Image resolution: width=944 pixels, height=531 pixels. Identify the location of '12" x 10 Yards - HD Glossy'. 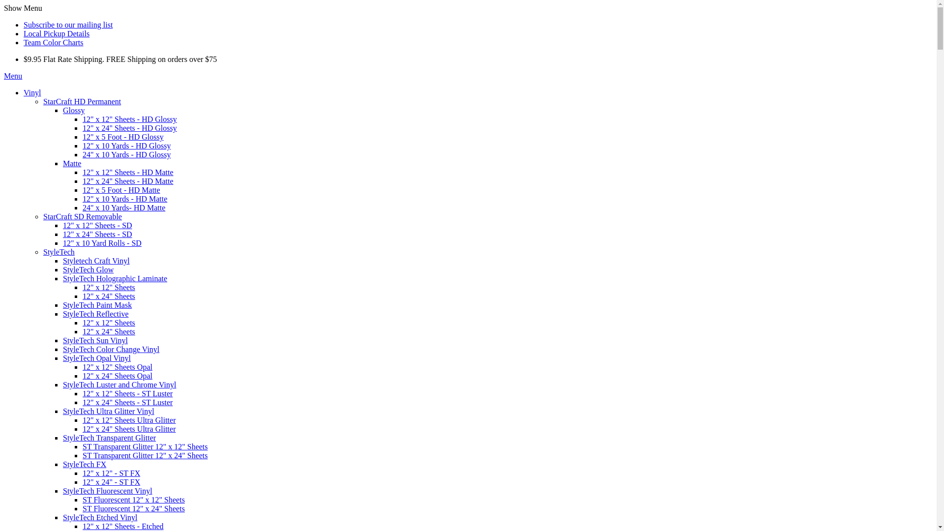
(126, 146).